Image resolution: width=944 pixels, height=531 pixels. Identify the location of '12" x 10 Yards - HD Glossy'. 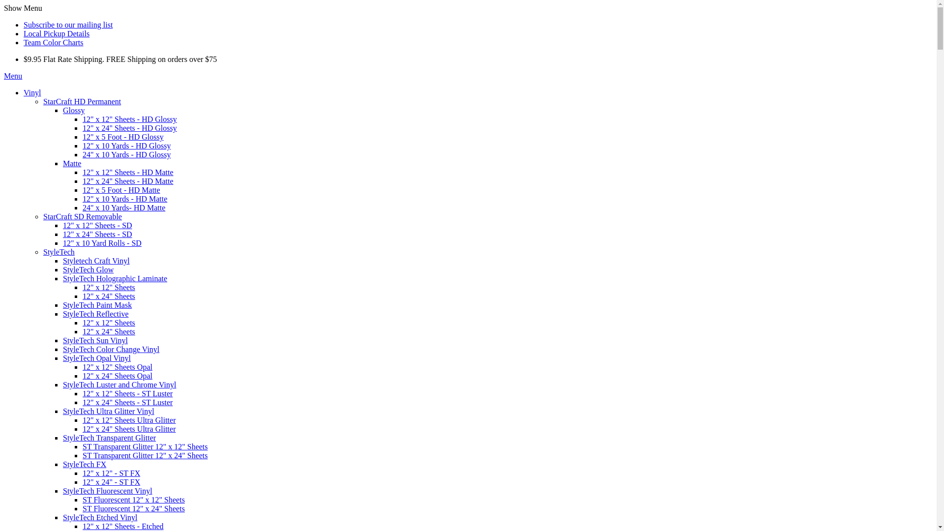
(126, 146).